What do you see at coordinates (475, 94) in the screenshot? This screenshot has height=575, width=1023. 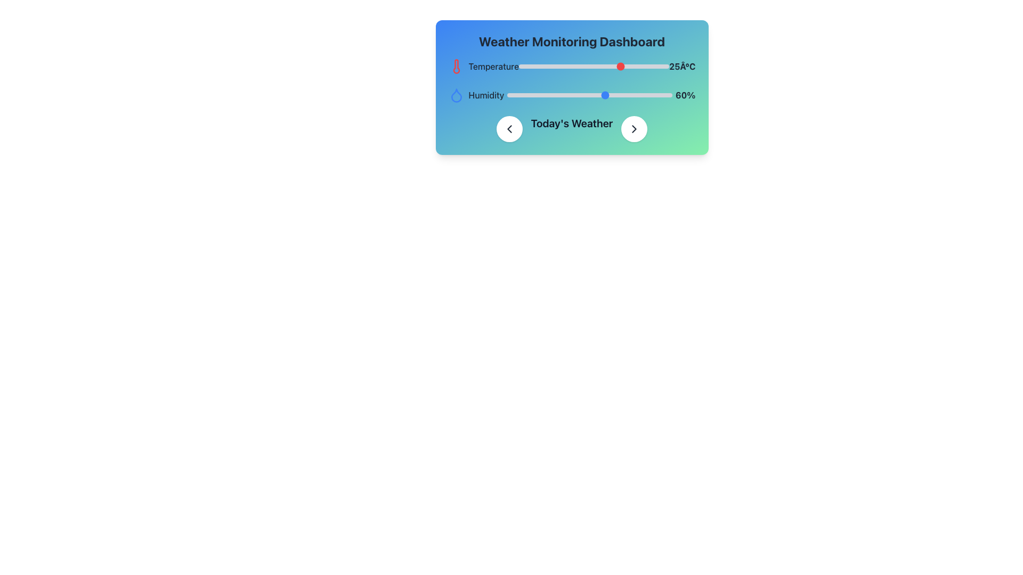 I see `the 'Humidity' label with the blue droplet icon, which is the first component in the humidity information section of the weather dashboard` at bounding box center [475, 94].